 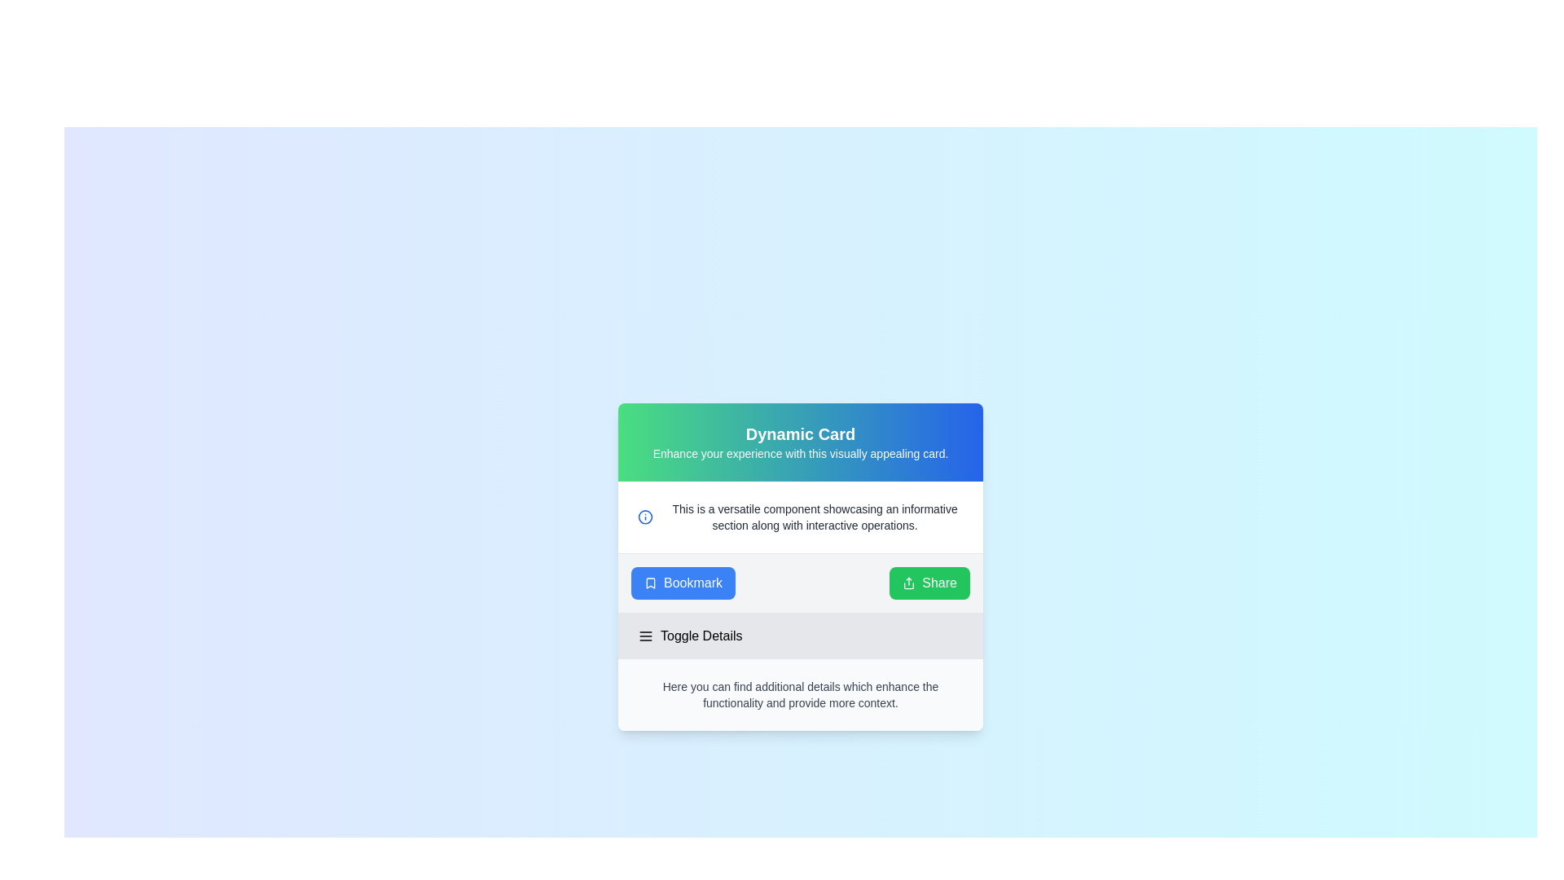 What do you see at coordinates (644, 635) in the screenshot?
I see `the icon that symbolizes the 'Toggle Details' action, positioned on the left side of the 'Toggle Details' button group` at bounding box center [644, 635].